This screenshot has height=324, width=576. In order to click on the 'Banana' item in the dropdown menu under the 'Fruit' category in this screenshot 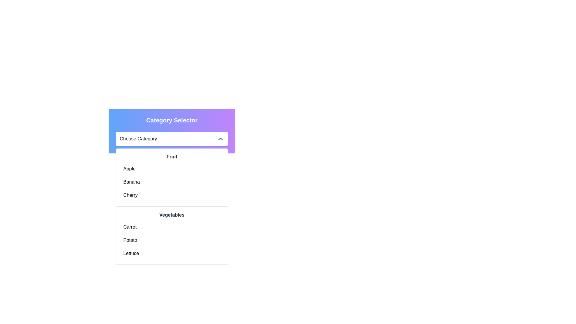, I will do `click(171, 181)`.